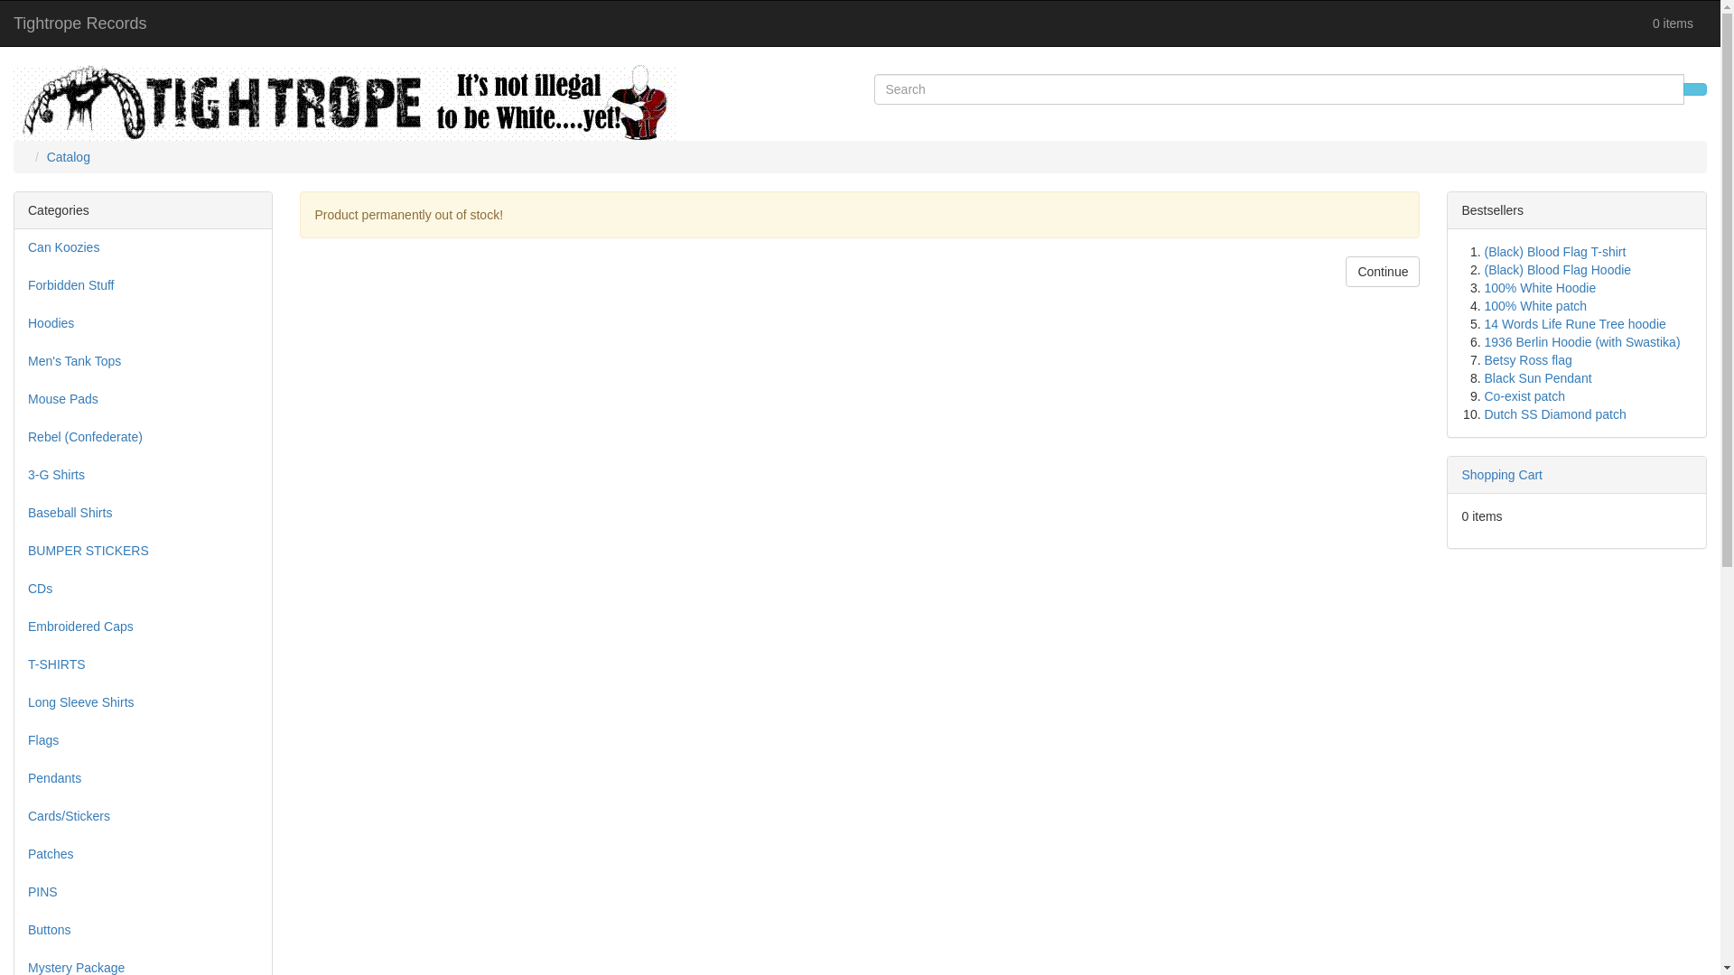  I want to click on '(Black) Blood Flag Hoodie', so click(1556, 270).